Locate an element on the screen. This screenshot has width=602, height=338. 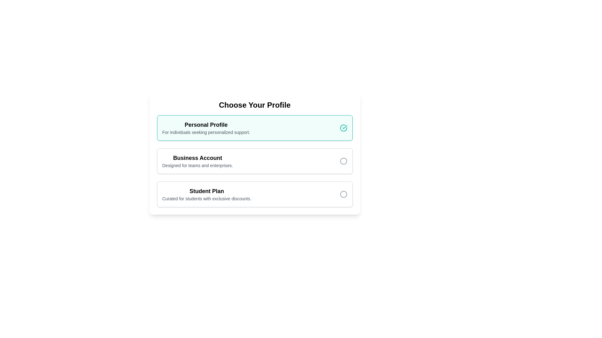
the icon indicating a selected or completed state for the 'Personal Profile' option, located at the far right of the 'Personal Profile' card, next to the text 'For individuals seeking personalized support' is located at coordinates (343, 127).